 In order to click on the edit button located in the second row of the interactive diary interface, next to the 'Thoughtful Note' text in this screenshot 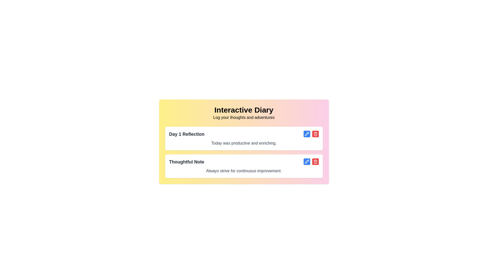, I will do `click(306, 134)`.